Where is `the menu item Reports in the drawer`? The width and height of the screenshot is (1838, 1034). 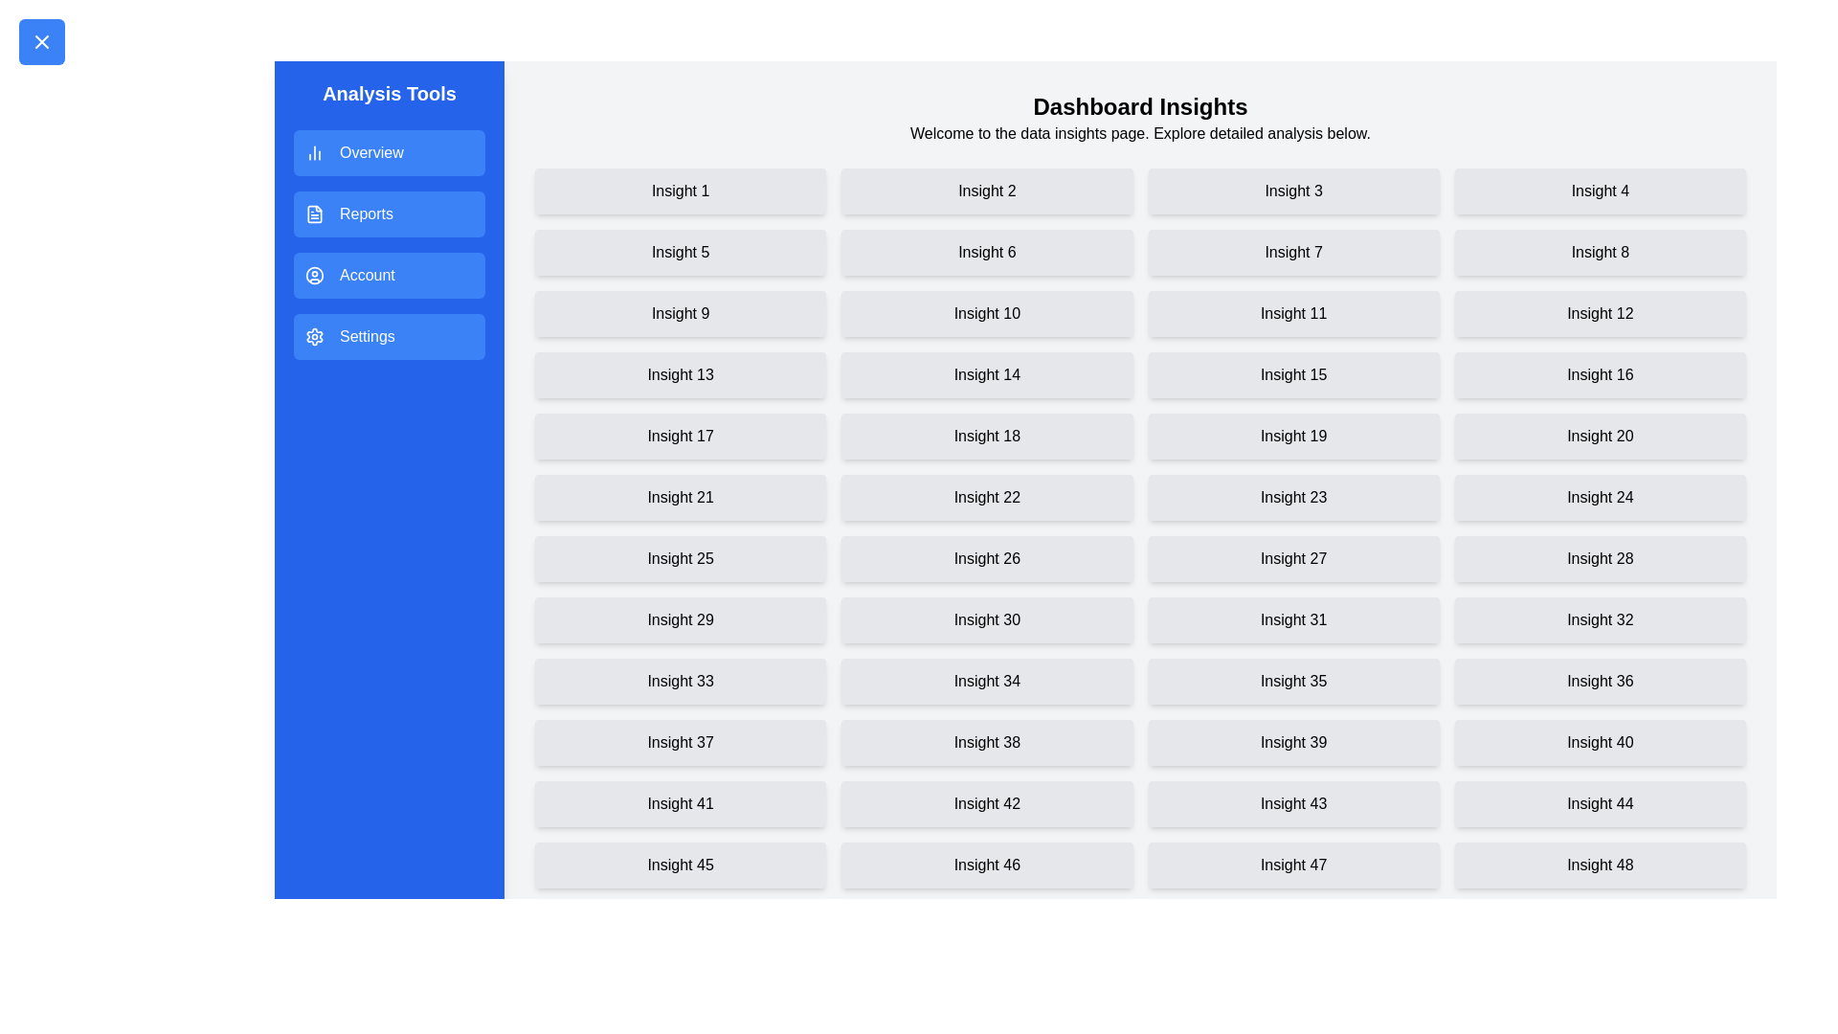 the menu item Reports in the drawer is located at coordinates (389, 214).